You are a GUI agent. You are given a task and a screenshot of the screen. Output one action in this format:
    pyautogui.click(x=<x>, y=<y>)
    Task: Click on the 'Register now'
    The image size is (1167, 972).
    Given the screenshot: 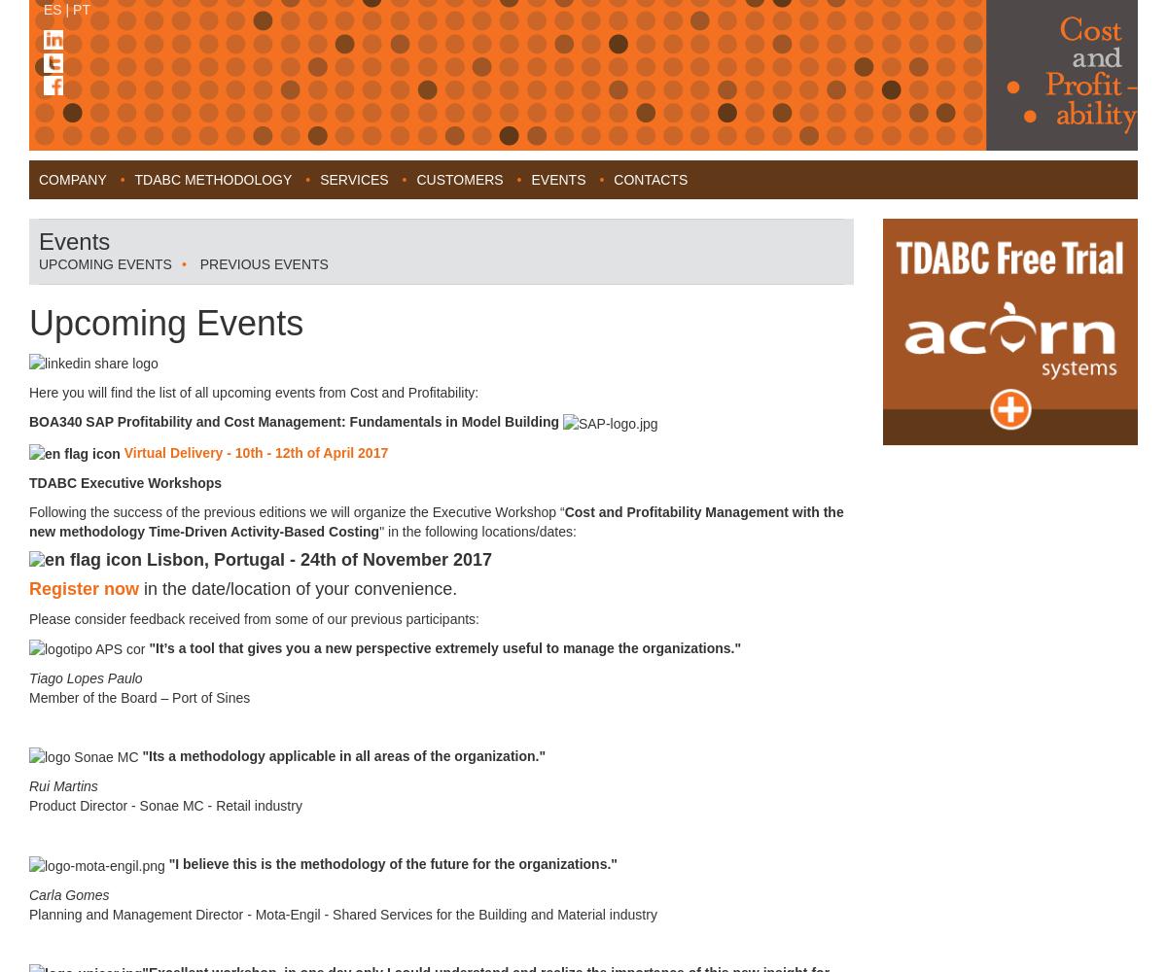 What is the action you would take?
    pyautogui.click(x=29, y=588)
    